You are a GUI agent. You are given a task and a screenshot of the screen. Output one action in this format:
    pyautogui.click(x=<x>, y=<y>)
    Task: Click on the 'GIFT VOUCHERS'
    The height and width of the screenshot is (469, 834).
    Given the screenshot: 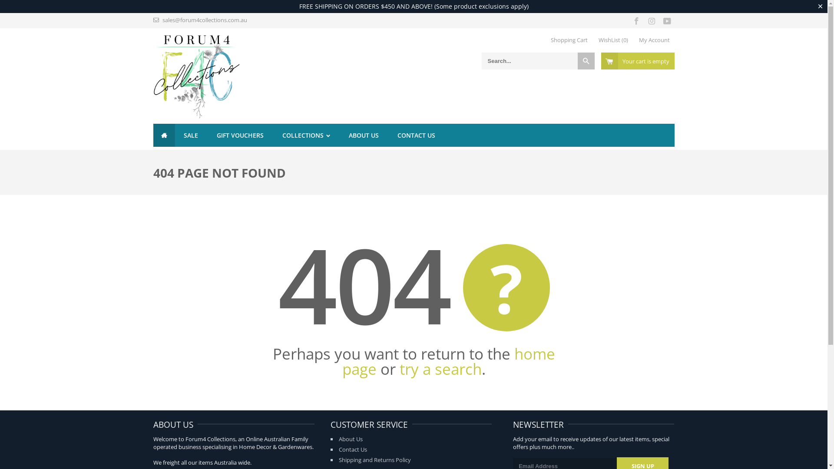 What is the action you would take?
    pyautogui.click(x=207, y=135)
    